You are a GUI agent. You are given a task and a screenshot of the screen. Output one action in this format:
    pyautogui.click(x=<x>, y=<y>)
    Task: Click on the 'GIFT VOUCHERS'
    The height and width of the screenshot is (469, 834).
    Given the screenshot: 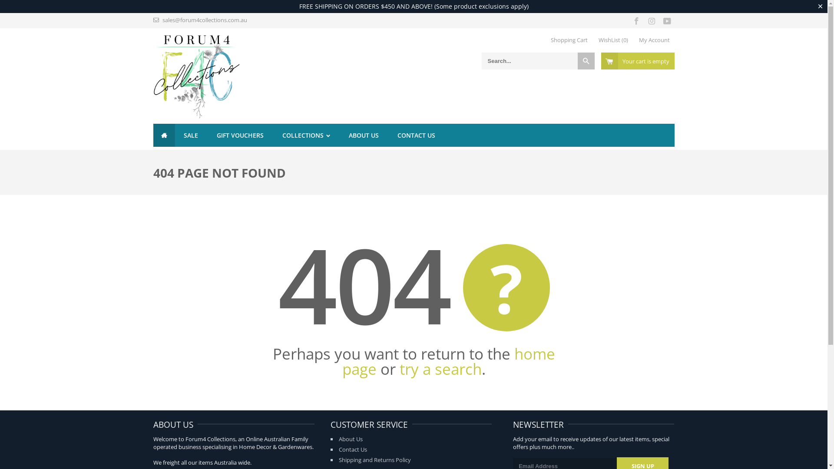 What is the action you would take?
    pyautogui.click(x=207, y=135)
    